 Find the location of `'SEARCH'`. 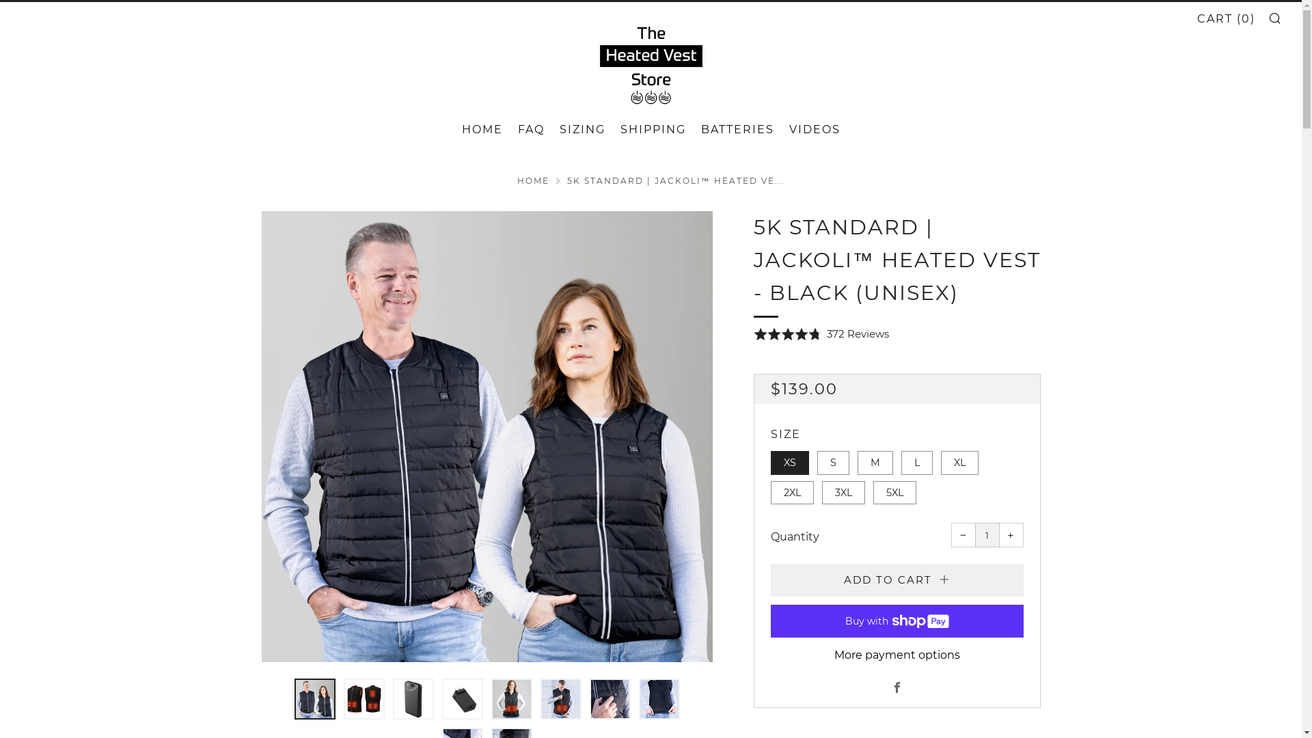

'SEARCH' is located at coordinates (1274, 18).